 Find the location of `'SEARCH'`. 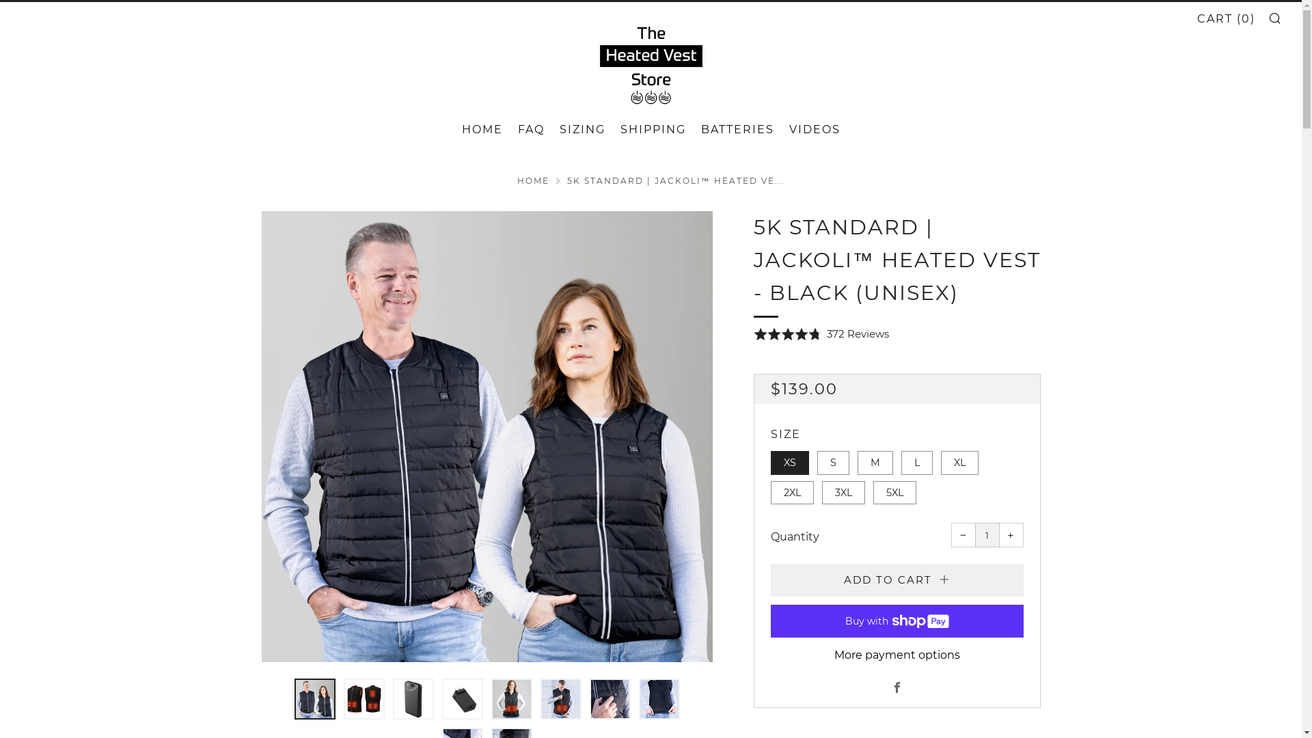

'SEARCH' is located at coordinates (1274, 18).